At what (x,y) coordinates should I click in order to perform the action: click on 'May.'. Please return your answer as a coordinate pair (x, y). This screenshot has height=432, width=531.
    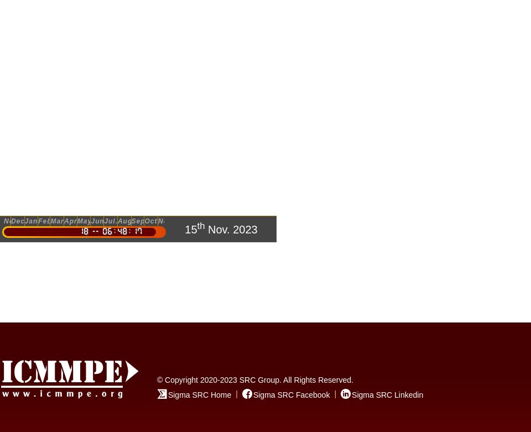
    Looking at the image, I should click on (76, 221).